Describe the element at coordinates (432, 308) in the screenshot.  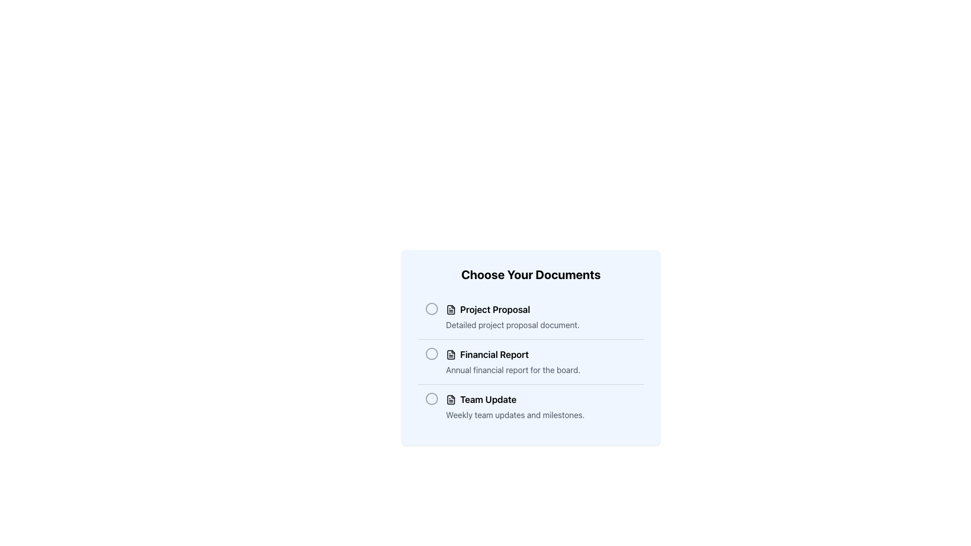
I see `the circular radio button located to the left of the text 'Project Proposal' in the 'Choose Your Documents' option group for additional information or feedback` at that location.